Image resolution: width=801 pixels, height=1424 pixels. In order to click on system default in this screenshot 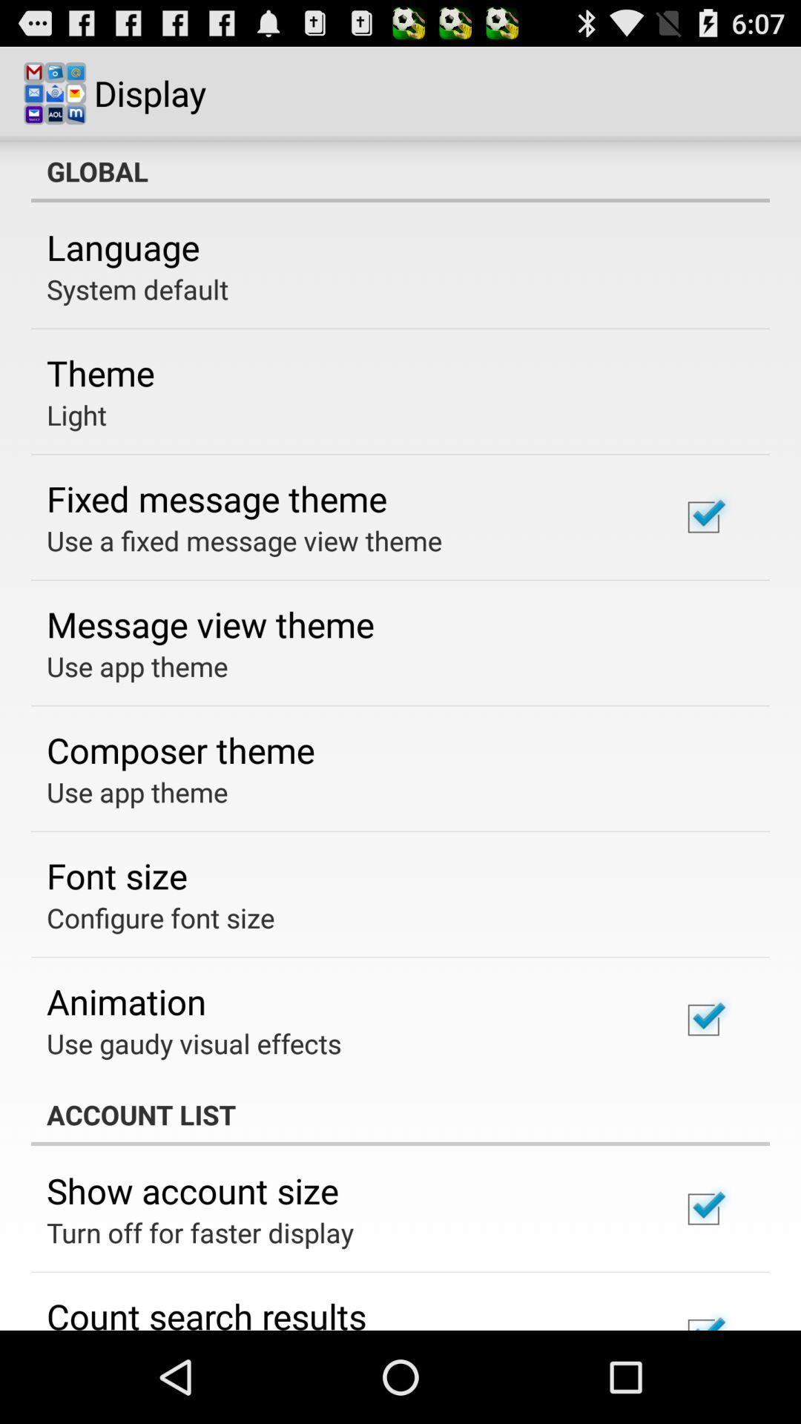, I will do `click(137, 289)`.